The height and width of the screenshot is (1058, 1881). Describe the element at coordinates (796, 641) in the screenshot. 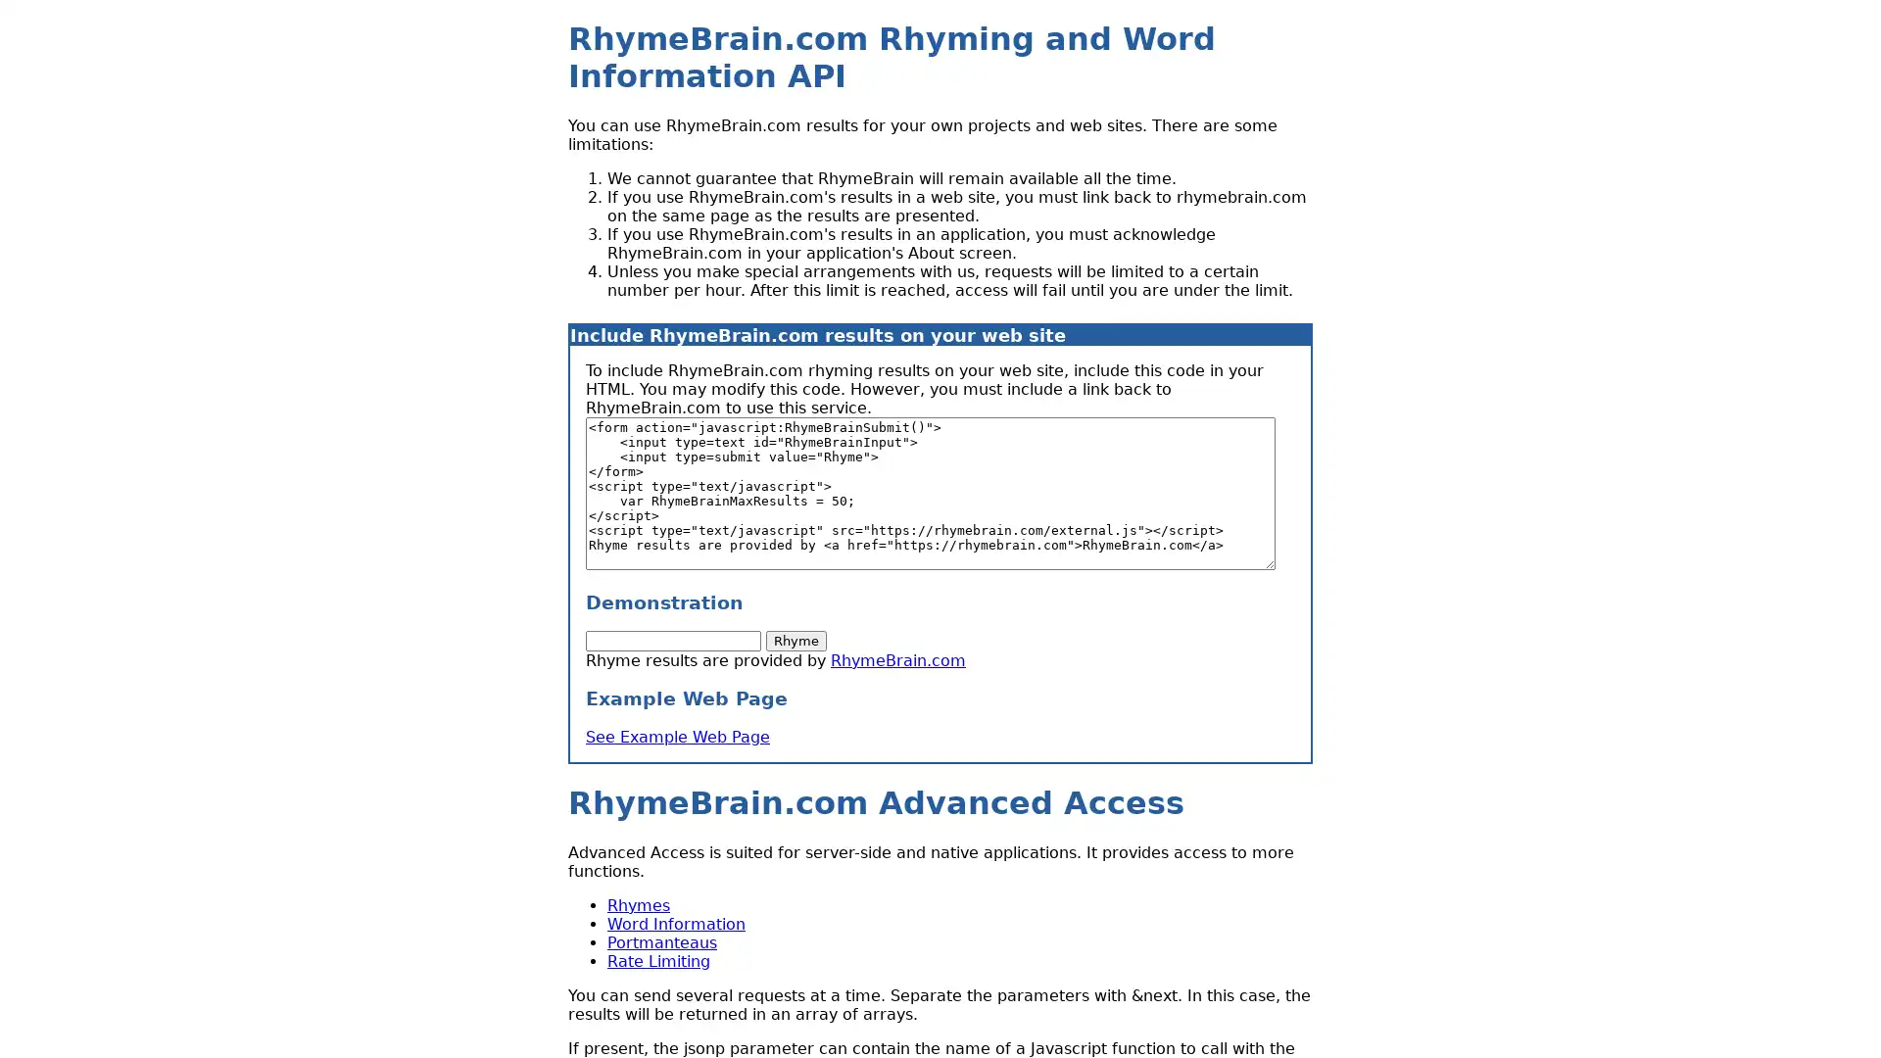

I see `Rhyme` at that location.